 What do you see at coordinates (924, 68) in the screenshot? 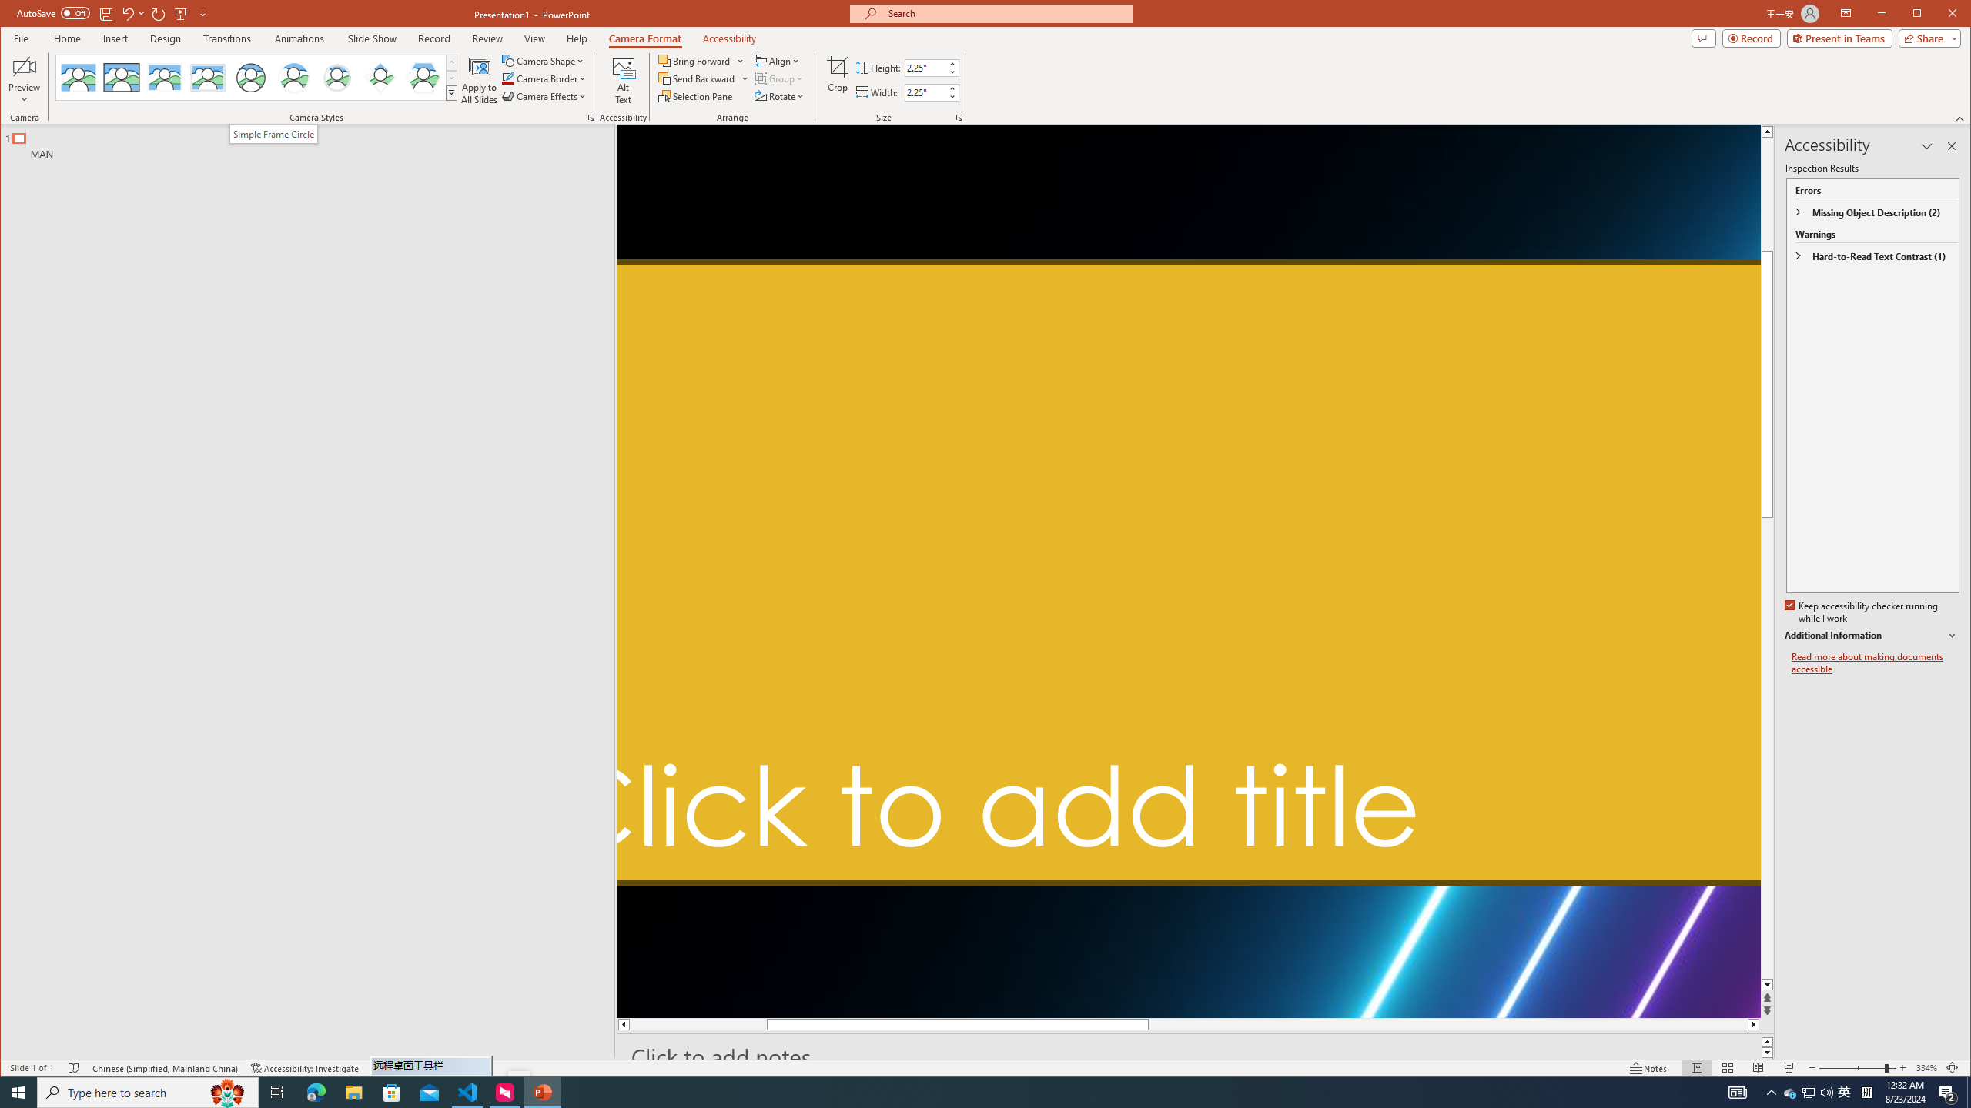
I see `'Cameo Height'` at bounding box center [924, 68].